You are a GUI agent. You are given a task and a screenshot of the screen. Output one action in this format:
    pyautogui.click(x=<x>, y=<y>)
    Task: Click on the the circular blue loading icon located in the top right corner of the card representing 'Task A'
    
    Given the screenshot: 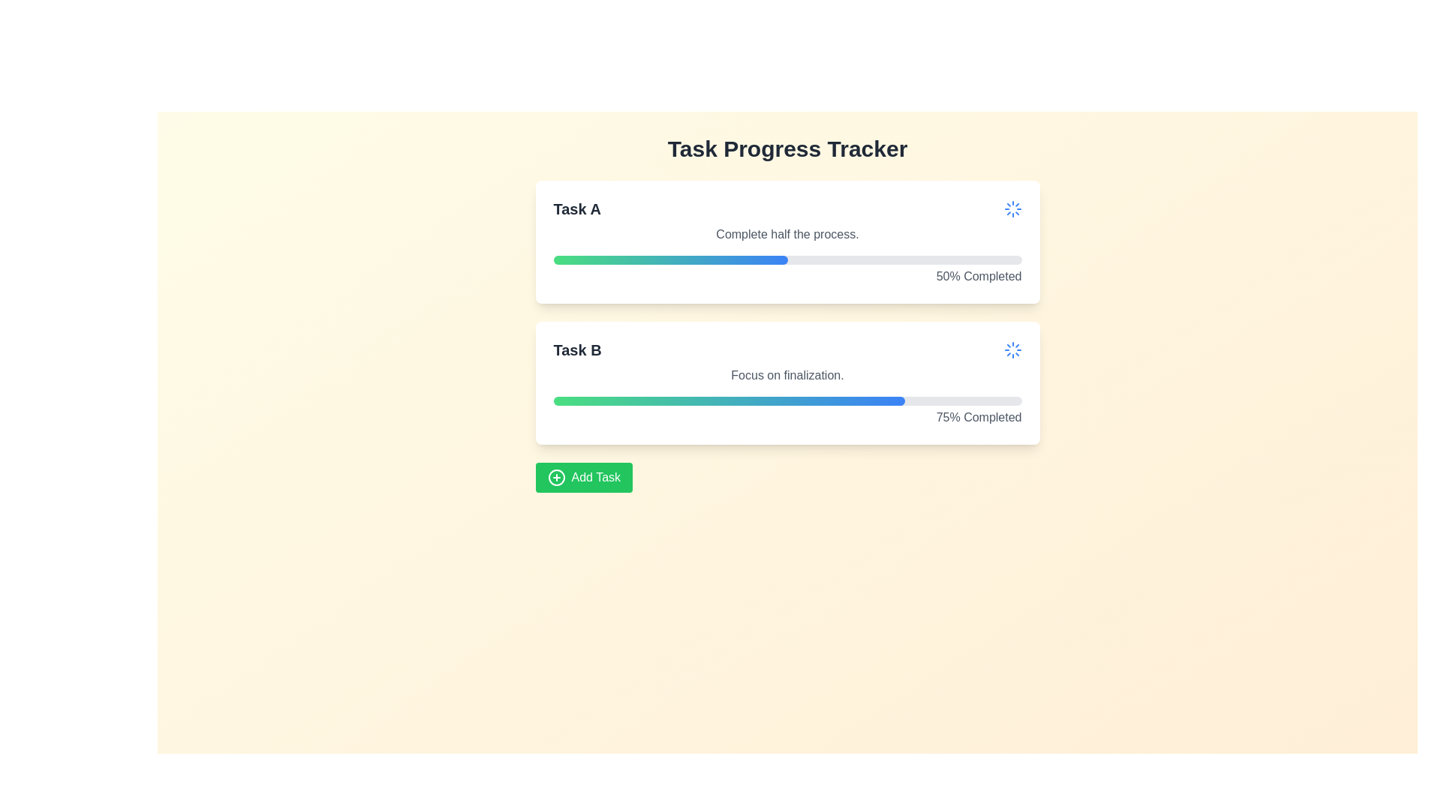 What is the action you would take?
    pyautogui.click(x=1012, y=208)
    